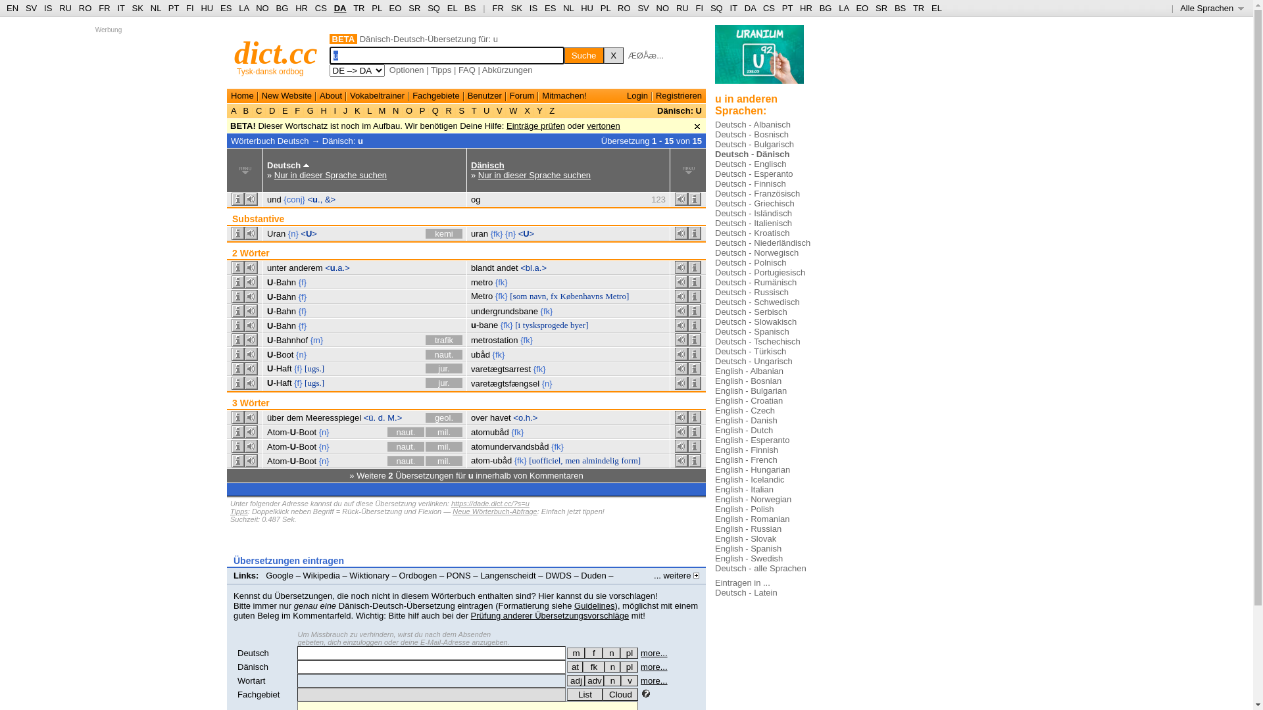 This screenshot has width=1263, height=710. Describe the element at coordinates (656, 8) in the screenshot. I see `'NO'` at that location.